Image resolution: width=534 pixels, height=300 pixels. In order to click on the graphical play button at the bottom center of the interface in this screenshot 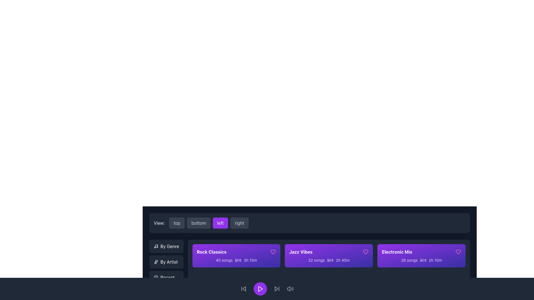, I will do `click(260, 289)`.